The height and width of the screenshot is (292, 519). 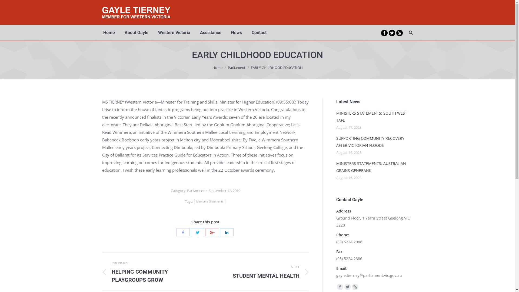 What do you see at coordinates (250, 32) in the screenshot?
I see `'Contact'` at bounding box center [250, 32].